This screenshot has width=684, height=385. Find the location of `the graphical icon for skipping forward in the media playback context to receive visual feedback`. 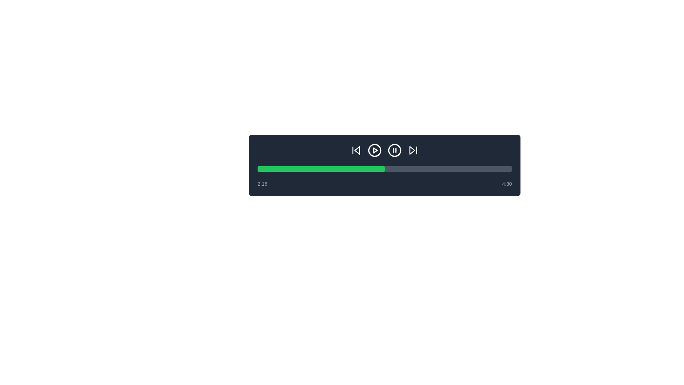

the graphical icon for skipping forward in the media playback context to receive visual feedback is located at coordinates (412, 150).